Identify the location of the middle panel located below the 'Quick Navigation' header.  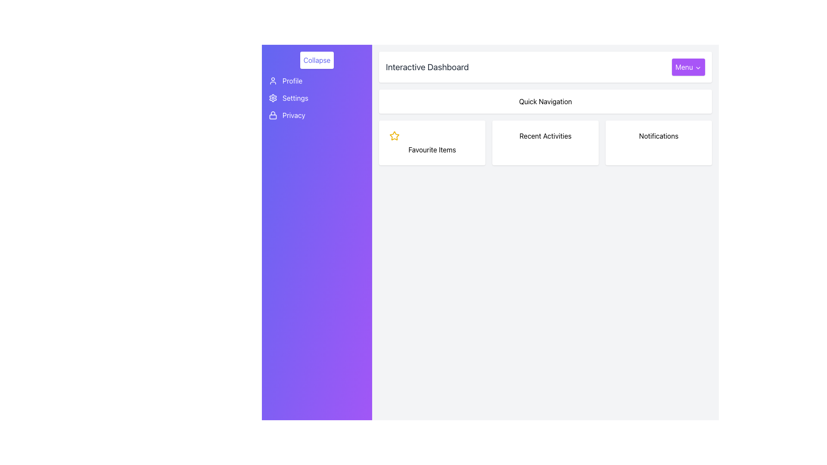
(545, 142).